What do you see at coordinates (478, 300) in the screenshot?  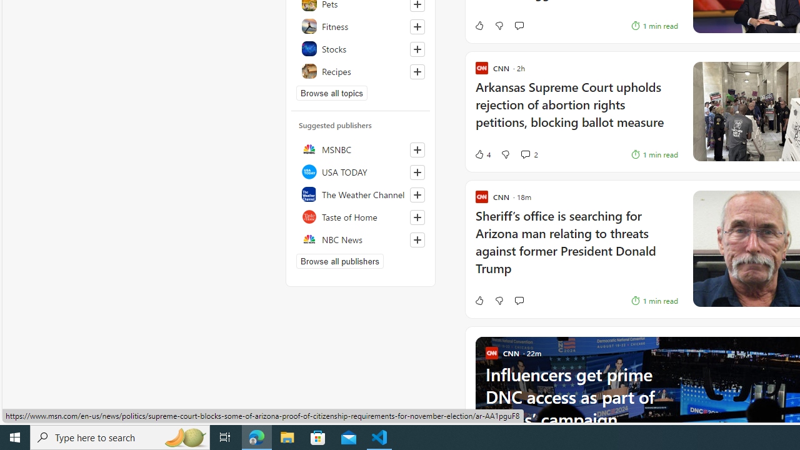 I see `'Like'` at bounding box center [478, 300].